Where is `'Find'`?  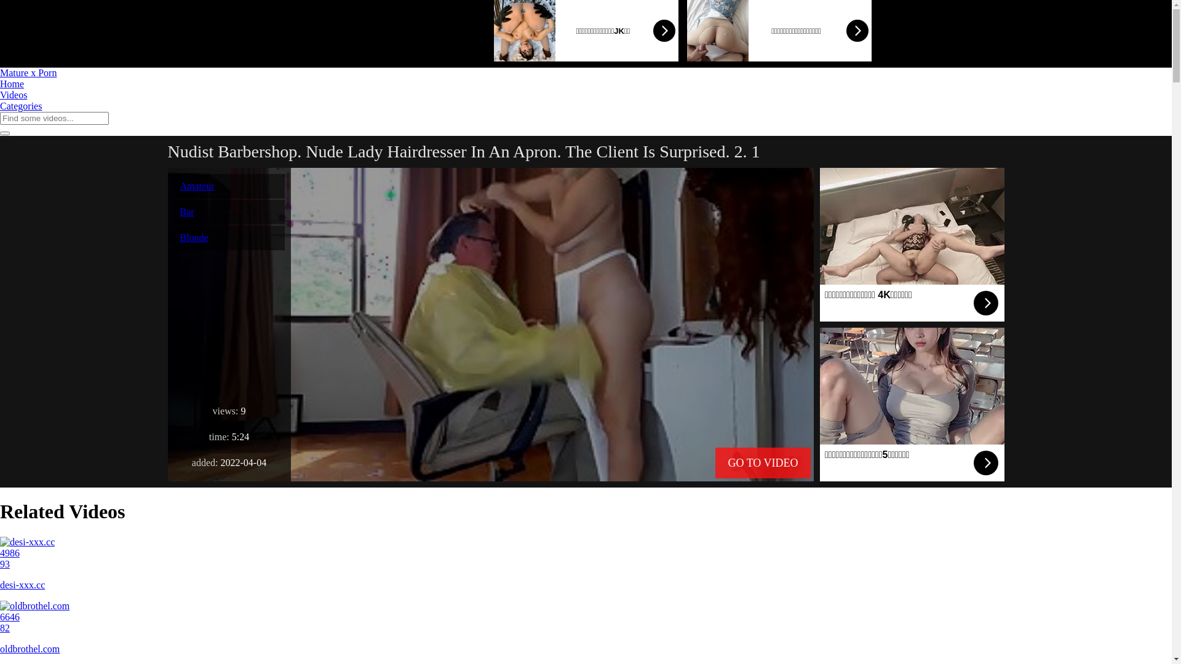
'Find' is located at coordinates (5, 133).